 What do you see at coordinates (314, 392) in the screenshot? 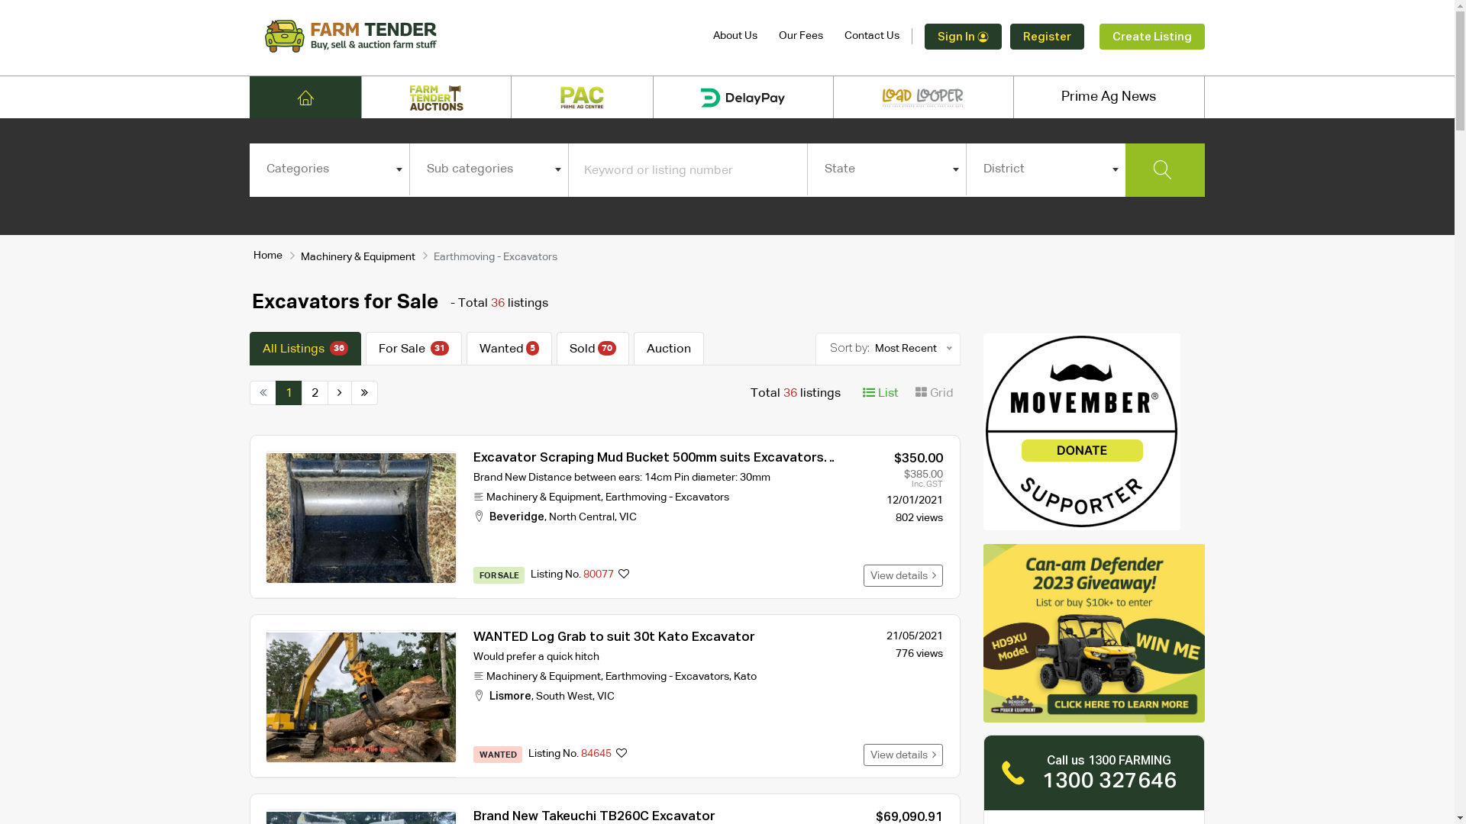
I see `'2'` at bounding box center [314, 392].